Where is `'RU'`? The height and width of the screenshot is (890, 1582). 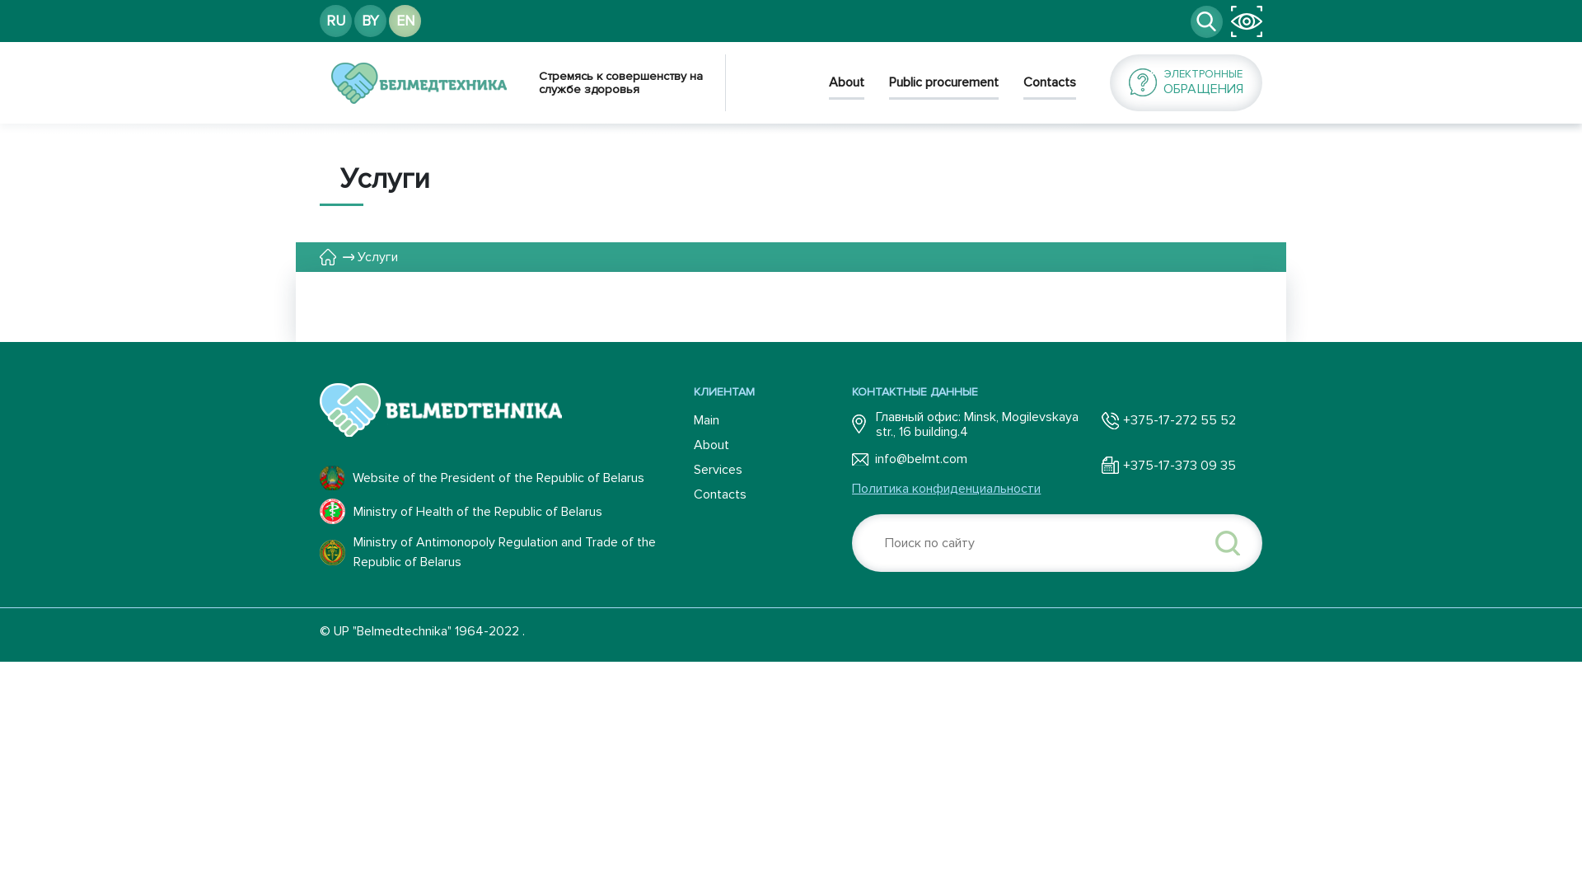
'RU' is located at coordinates (335, 21).